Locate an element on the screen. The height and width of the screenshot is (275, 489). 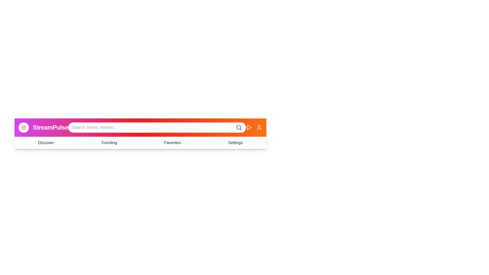
navigation toggle button to toggle the visibility of the navigation menu is located at coordinates (23, 127).